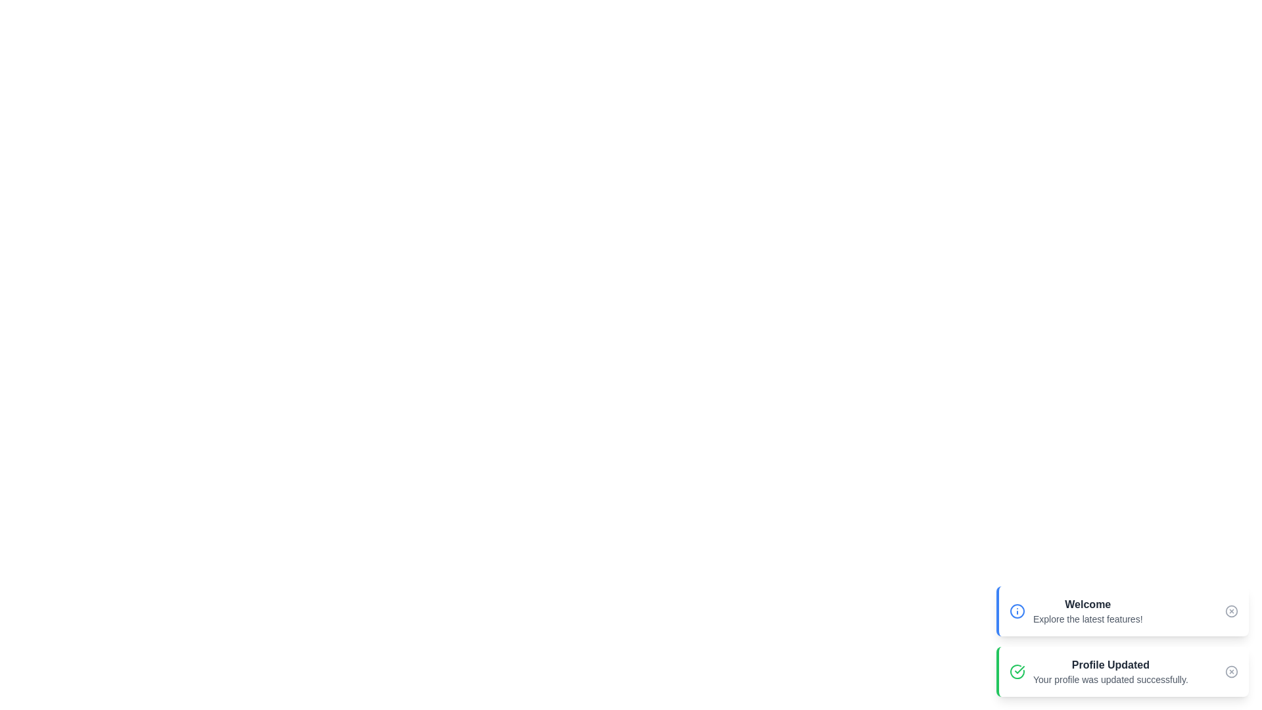 The width and height of the screenshot is (1262, 710). Describe the element at coordinates (1230, 672) in the screenshot. I see `the close button of the snackbar with the title Profile Updated` at that location.